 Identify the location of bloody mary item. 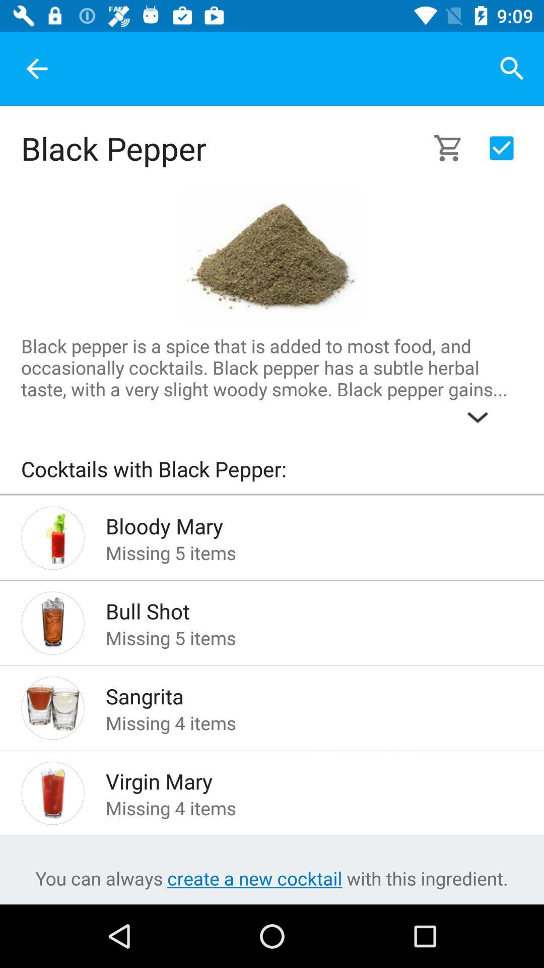
(298, 523).